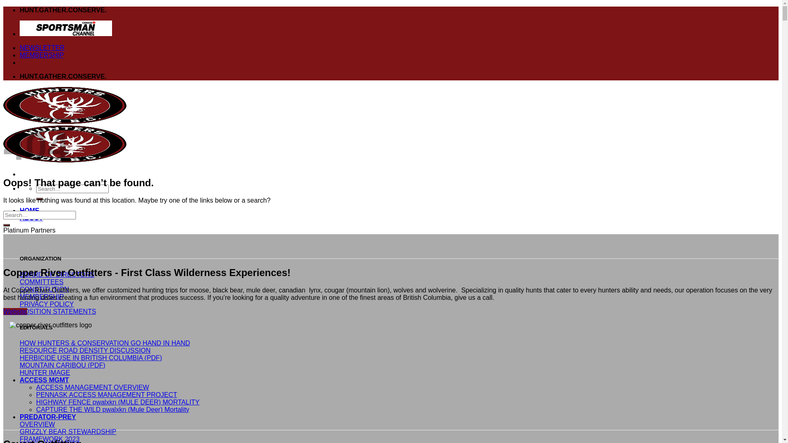 The image size is (788, 443). Describe the element at coordinates (44, 372) in the screenshot. I see `'HUNTER IMAGE'` at that location.